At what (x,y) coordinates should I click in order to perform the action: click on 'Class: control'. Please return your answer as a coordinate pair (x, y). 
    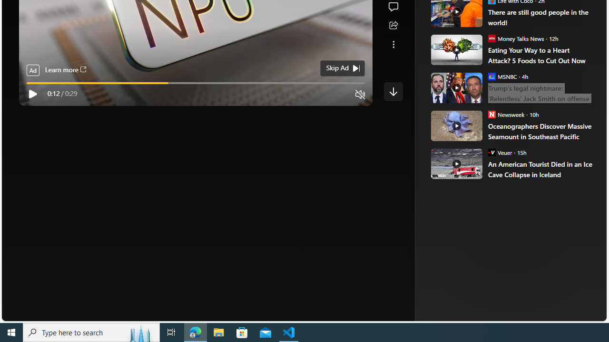
    Looking at the image, I should click on (393, 91).